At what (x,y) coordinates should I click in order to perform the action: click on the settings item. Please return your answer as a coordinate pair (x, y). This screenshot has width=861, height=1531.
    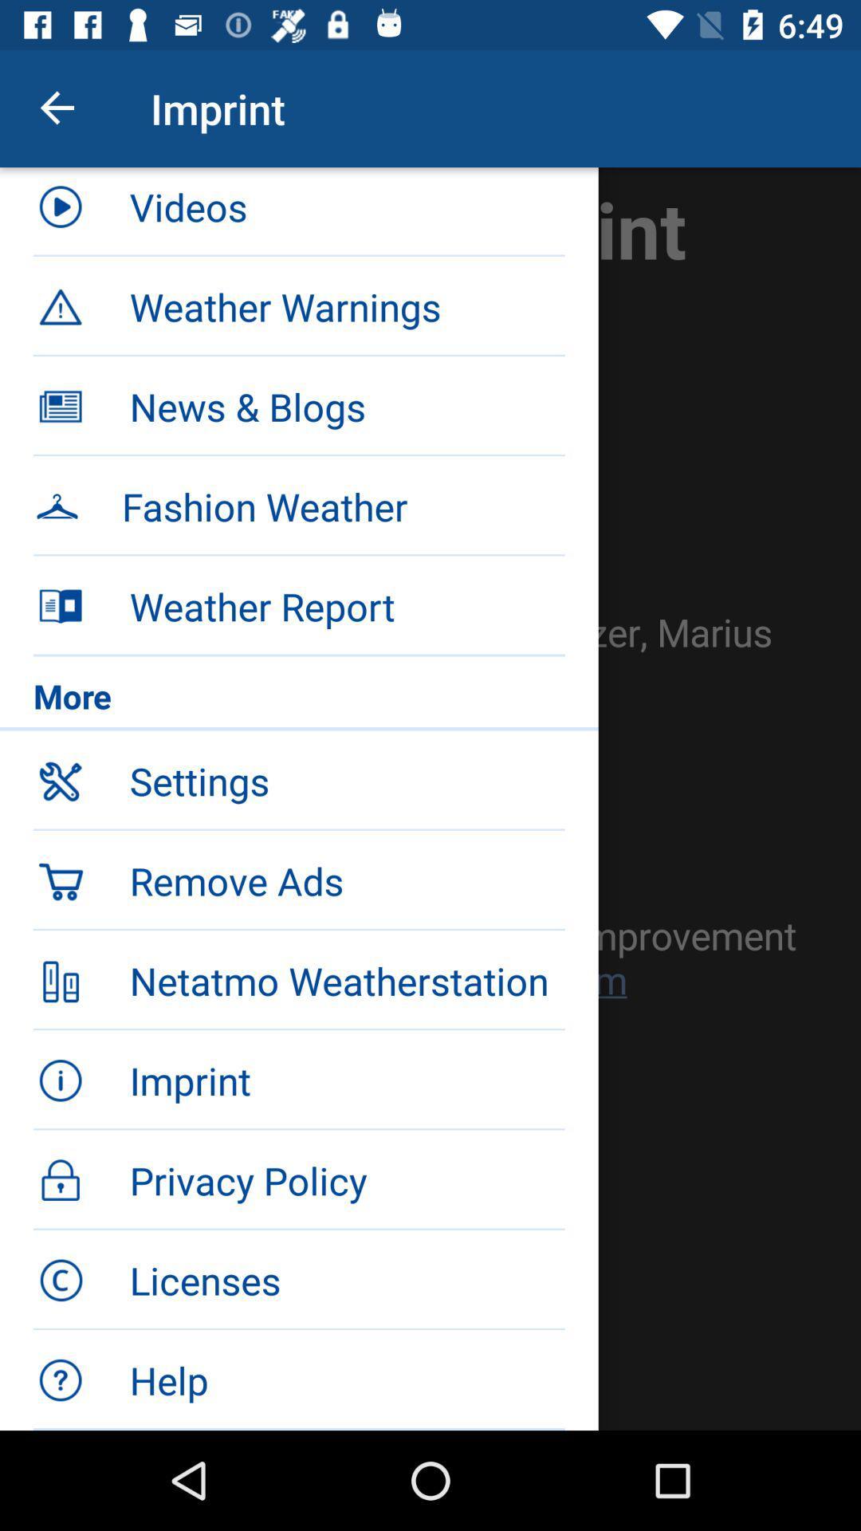
    Looking at the image, I should click on (346, 781).